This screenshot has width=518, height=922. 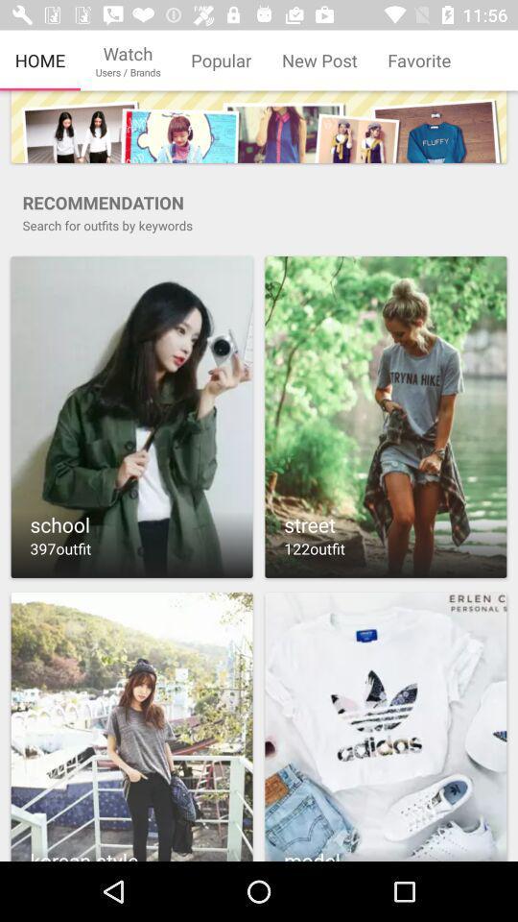 What do you see at coordinates (259, 126) in the screenshot?
I see `the first image on the web page` at bounding box center [259, 126].